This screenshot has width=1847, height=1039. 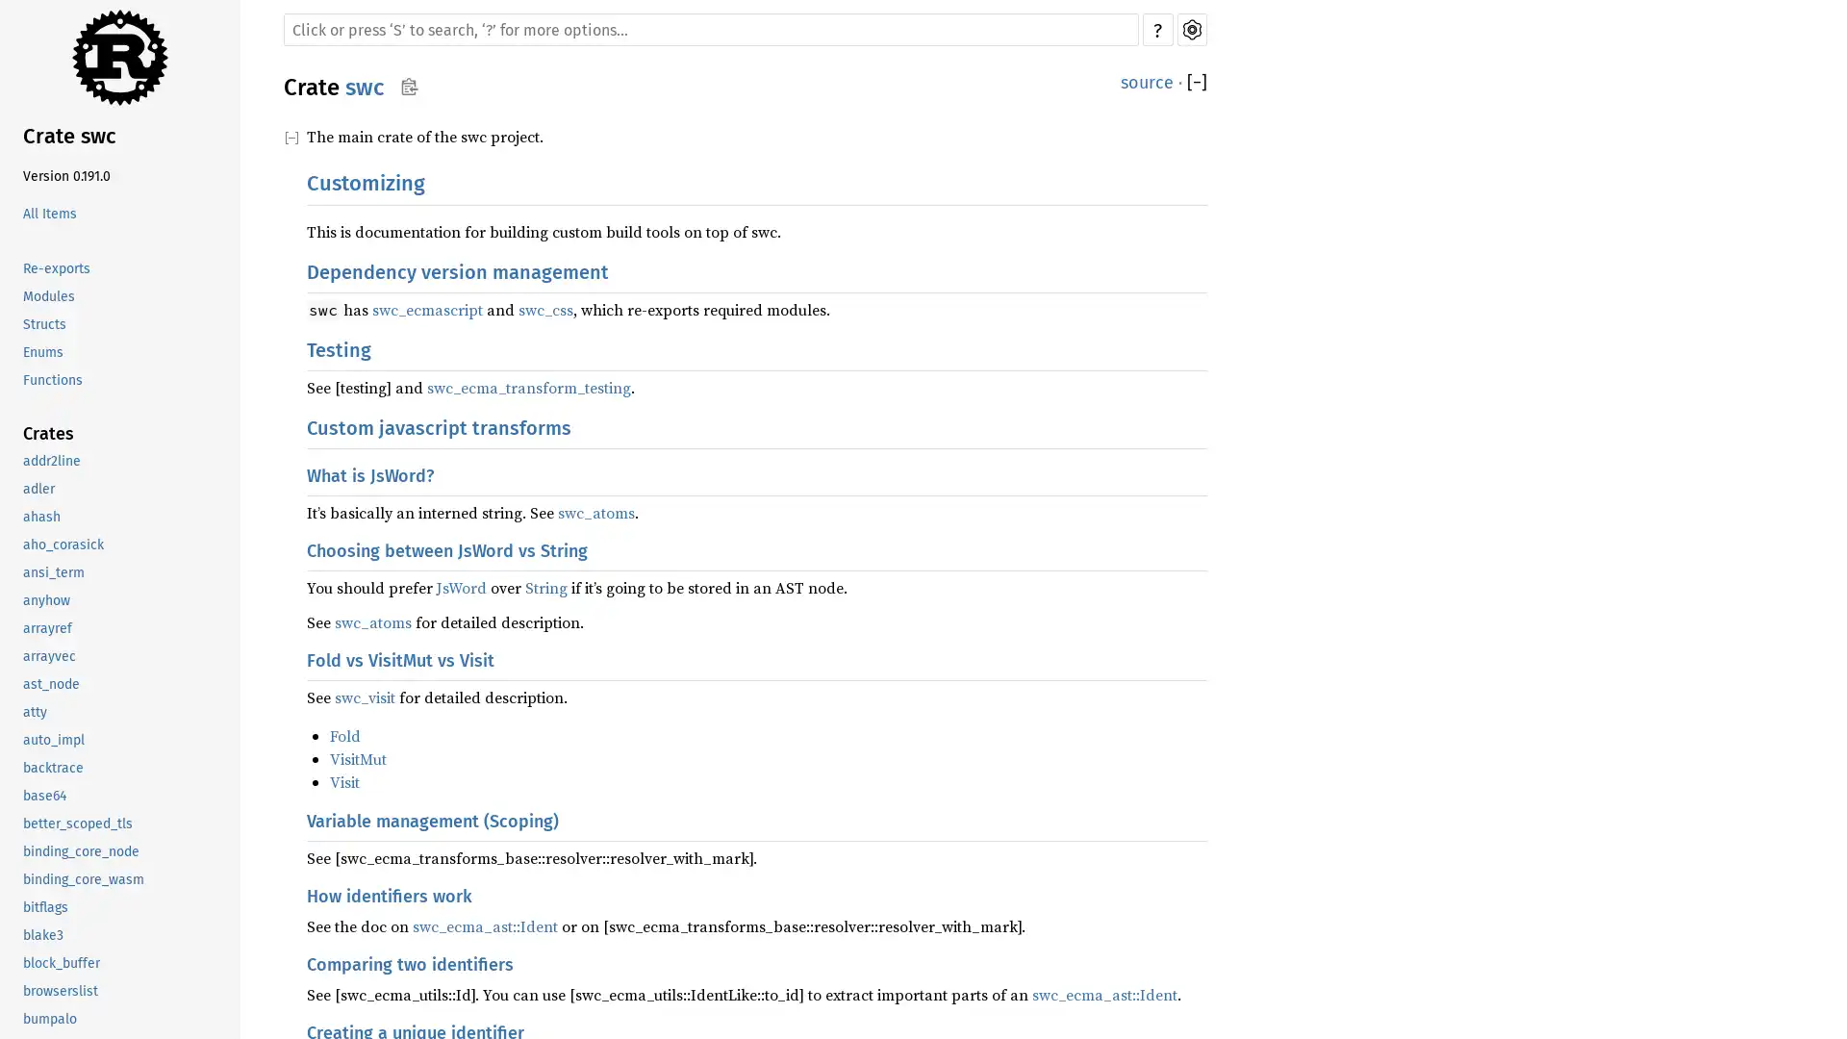 What do you see at coordinates (1156, 29) in the screenshot?
I see `?` at bounding box center [1156, 29].